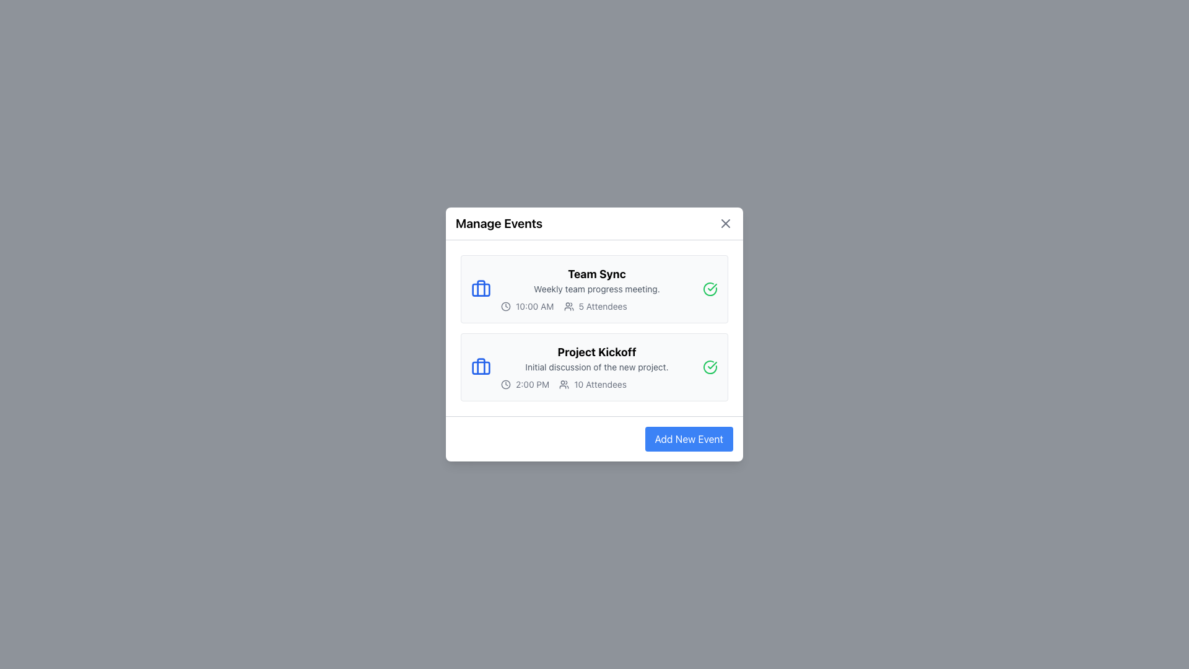 The height and width of the screenshot is (669, 1189). Describe the element at coordinates (481, 367) in the screenshot. I see `the 'Project Kickoff' event icon located in the leftmost section of the 'Manage Events' dialog, which is positioned above the text '2:00 PM 10 Attendees'` at that location.